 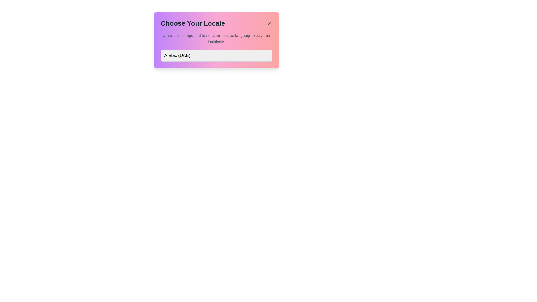 I want to click on the option from the dropdown menu labeled 'Arabic (UAE)' which is visually represented as a rectangular selector with a light gray background and a thin border, located below the title 'Choose Your Locale', so click(x=216, y=55).